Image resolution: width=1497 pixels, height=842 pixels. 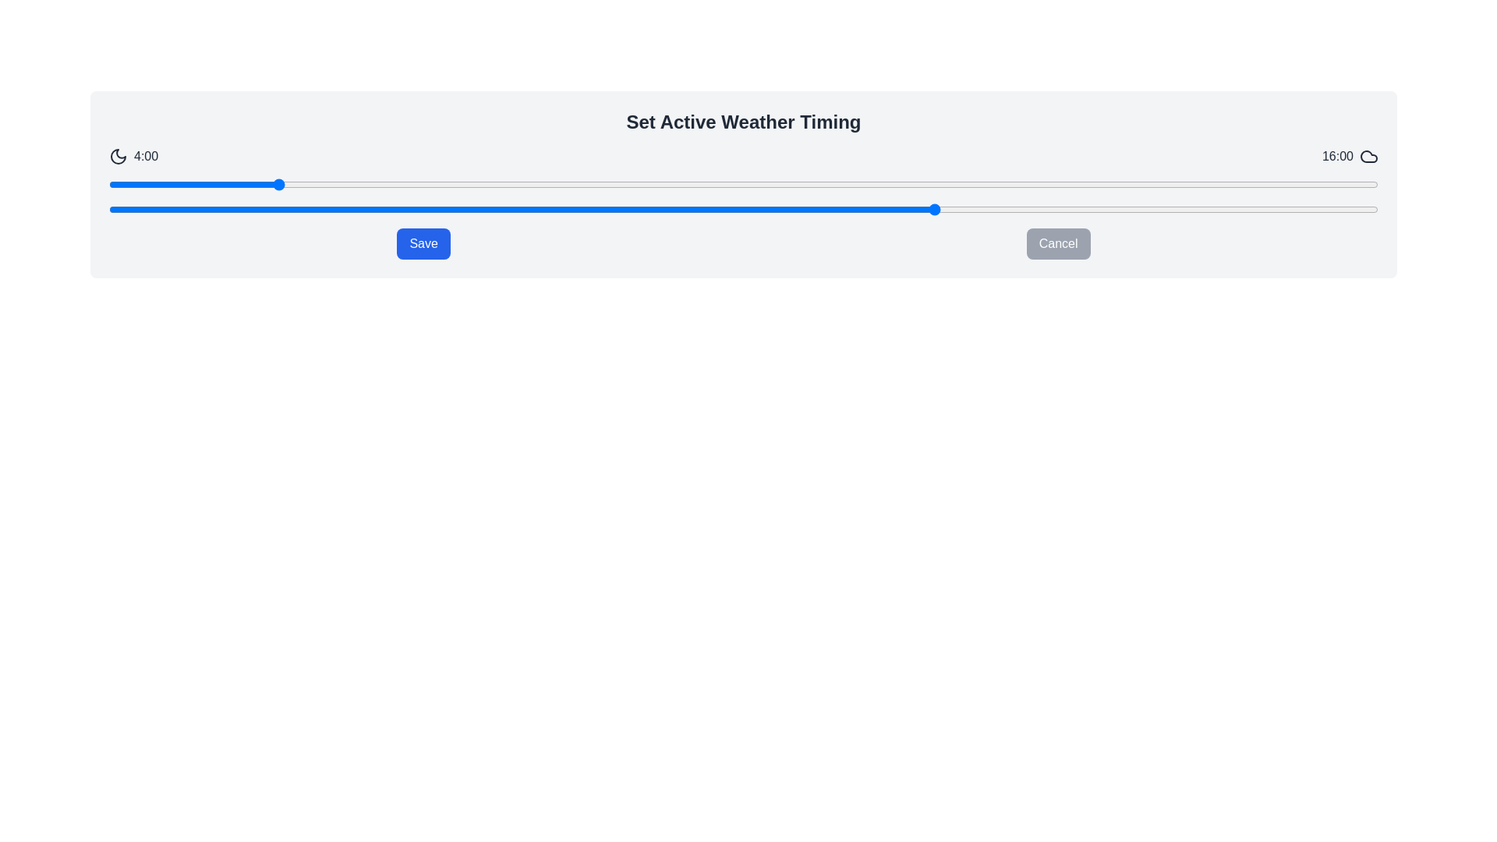 What do you see at coordinates (605, 209) in the screenshot?
I see `the slider` at bounding box center [605, 209].